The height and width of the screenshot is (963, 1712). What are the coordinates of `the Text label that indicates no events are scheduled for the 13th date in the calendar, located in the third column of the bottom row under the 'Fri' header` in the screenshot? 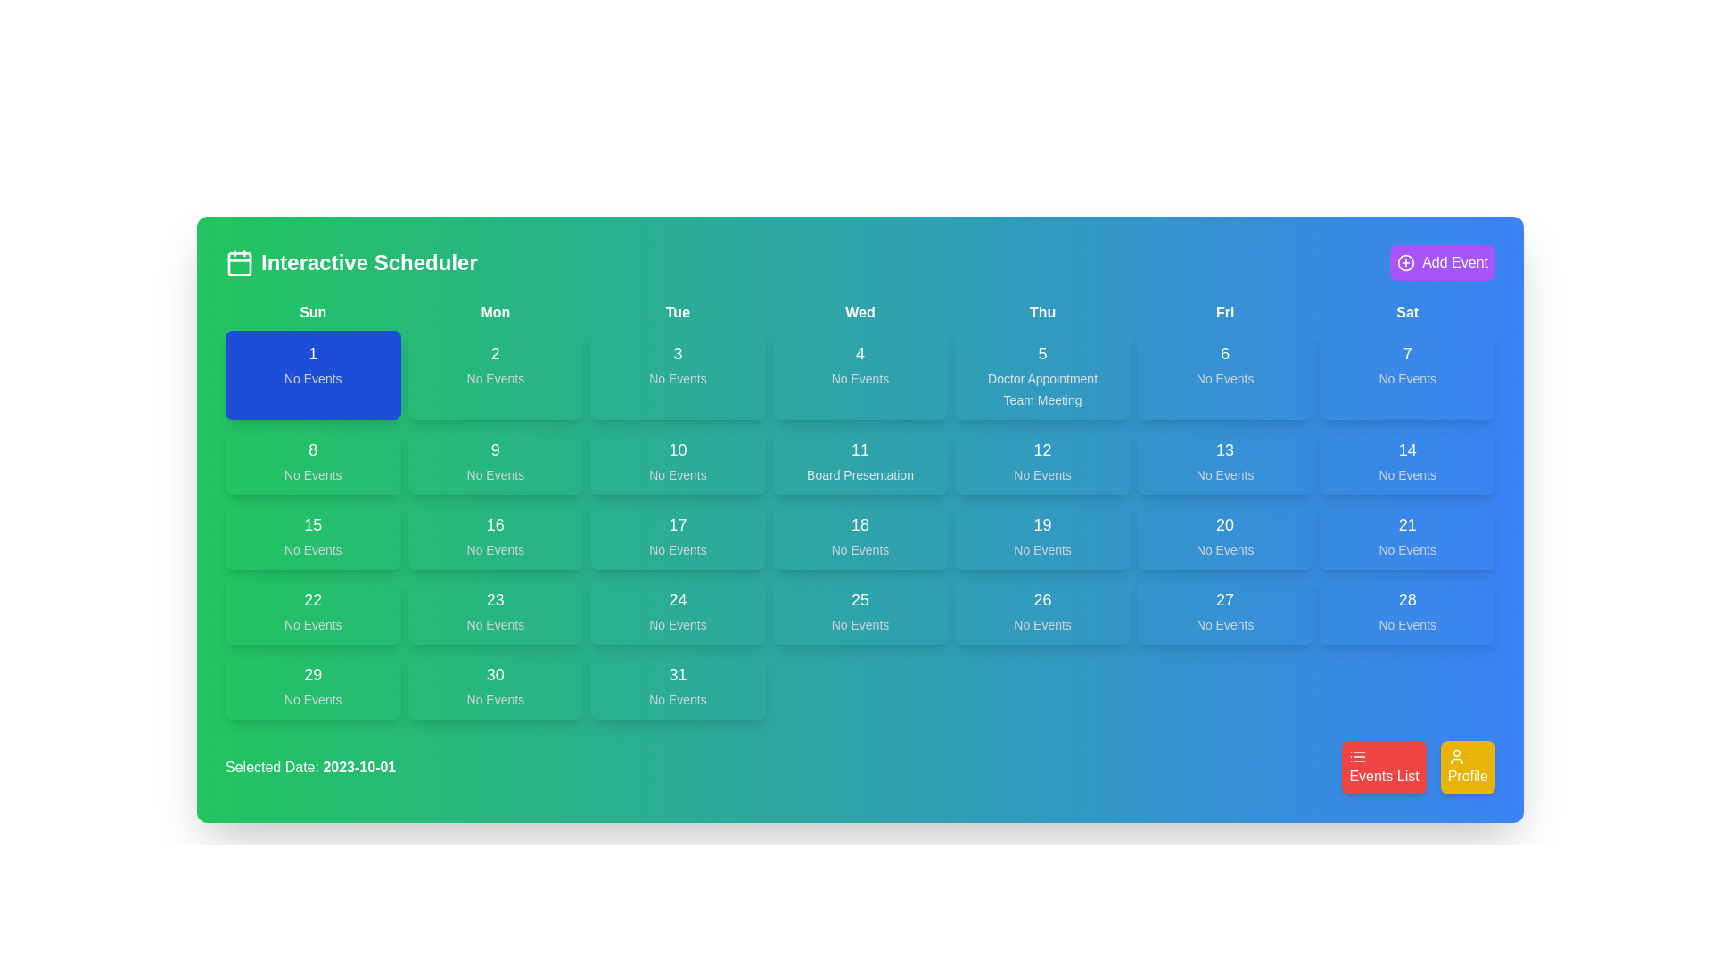 It's located at (1224, 473).